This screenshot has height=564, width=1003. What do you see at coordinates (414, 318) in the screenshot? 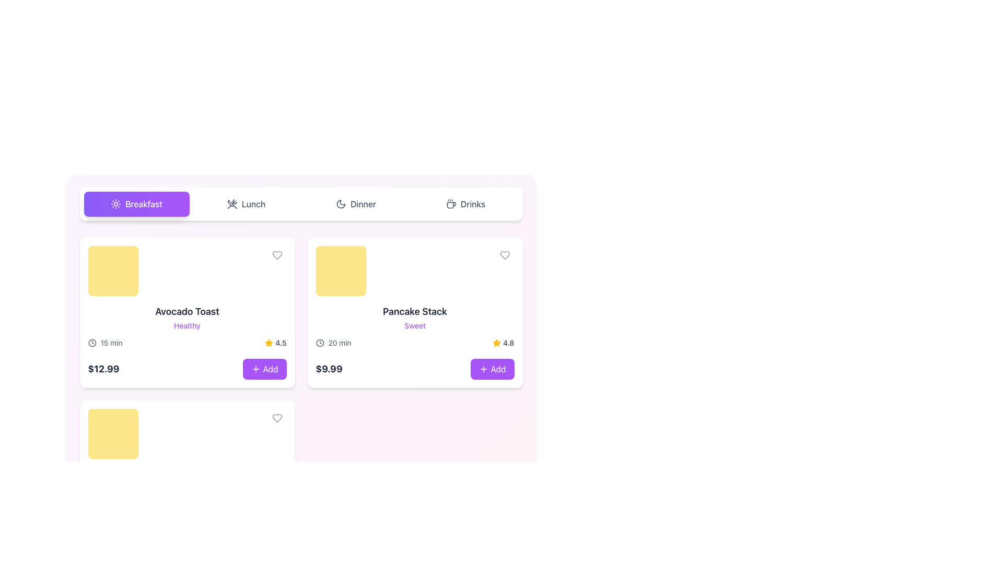
I see `the text block containing the title and subtitle for the food item, which is the second card in the grid, positioned to the right of the 'Avocado Toast' card, located under the 'Breakfast' category header` at bounding box center [414, 318].